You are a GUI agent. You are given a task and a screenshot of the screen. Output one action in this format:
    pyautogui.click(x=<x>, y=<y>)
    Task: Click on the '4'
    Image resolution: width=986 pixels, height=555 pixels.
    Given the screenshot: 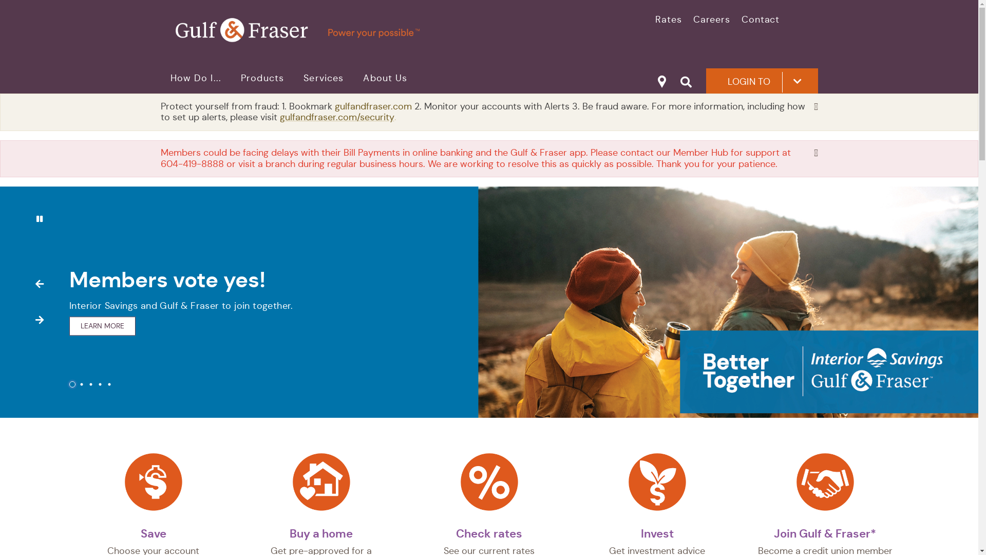 What is the action you would take?
    pyautogui.click(x=100, y=384)
    